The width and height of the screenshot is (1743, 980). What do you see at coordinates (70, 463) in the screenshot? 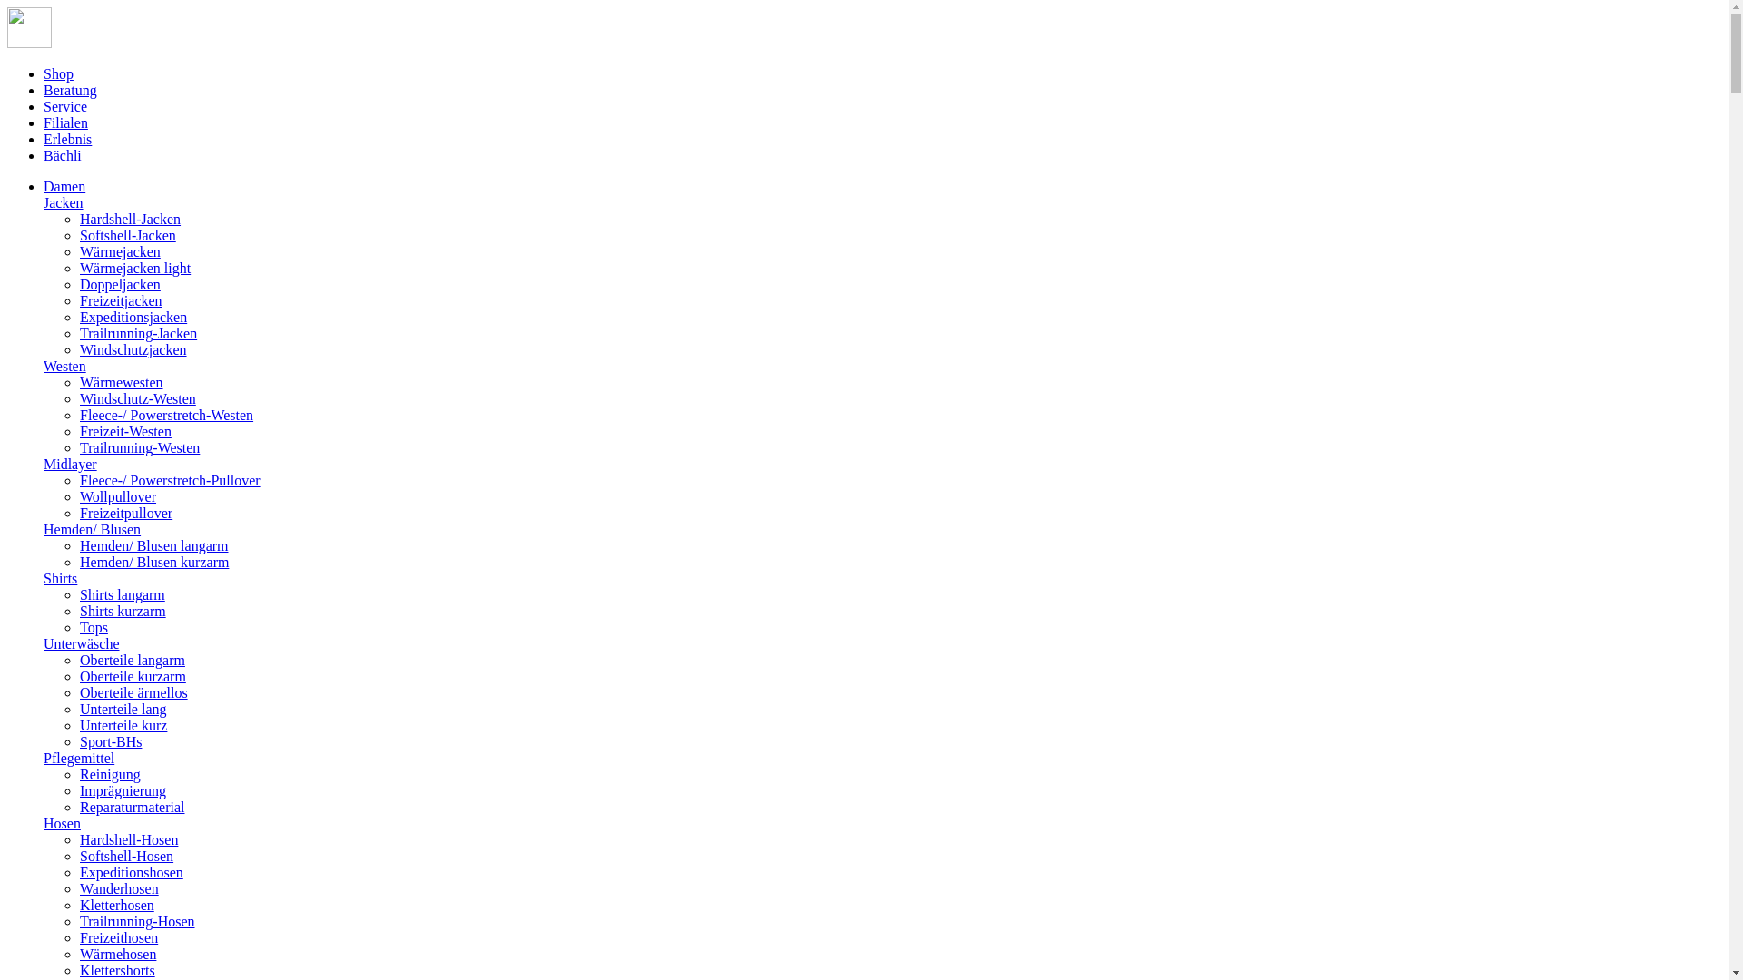
I see `'Midlayer'` at bounding box center [70, 463].